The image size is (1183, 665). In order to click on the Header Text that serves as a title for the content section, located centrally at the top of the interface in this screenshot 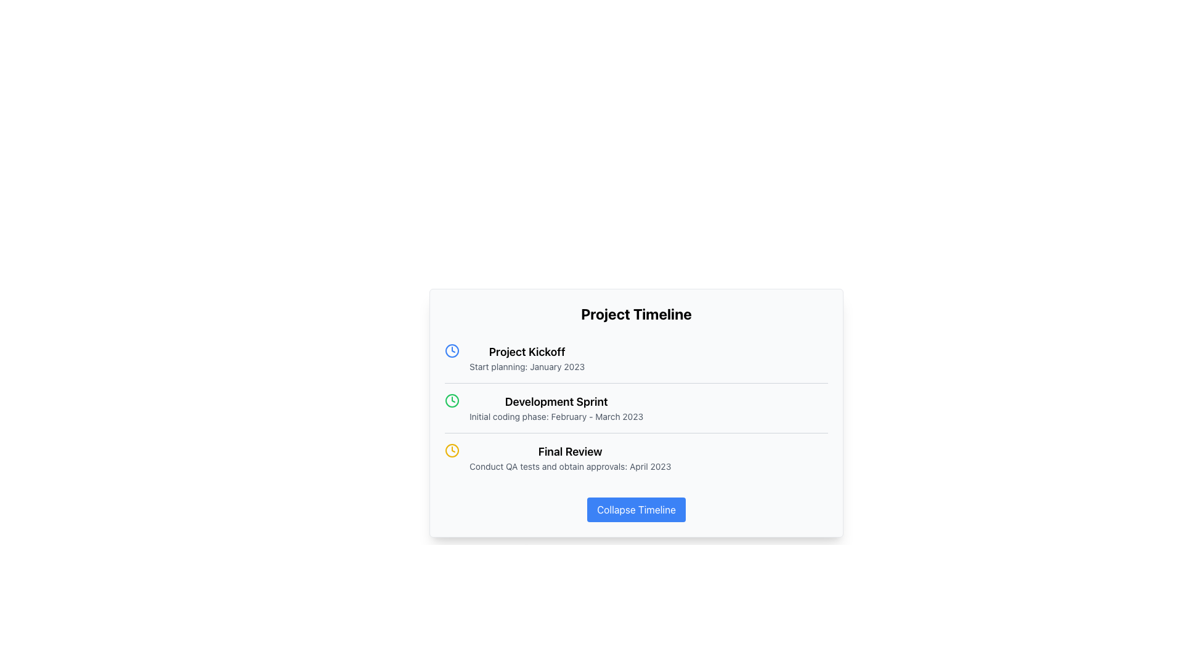, I will do `click(636, 313)`.